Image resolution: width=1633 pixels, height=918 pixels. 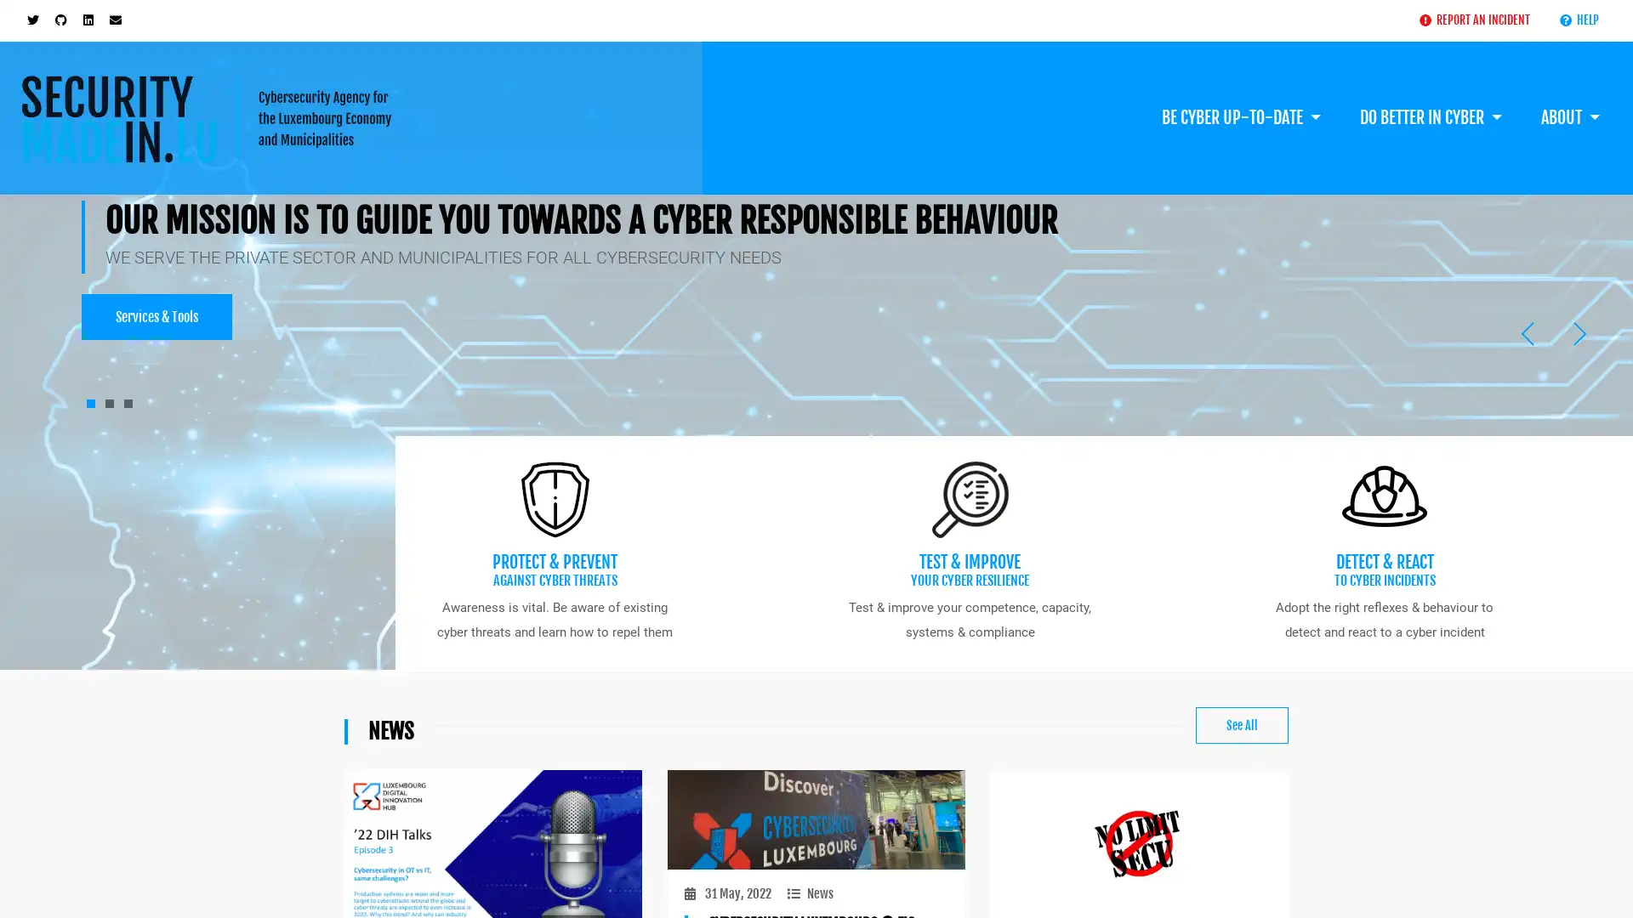 What do you see at coordinates (1240, 92) in the screenshot?
I see `BE CYBER UP-TO-DATE` at bounding box center [1240, 92].